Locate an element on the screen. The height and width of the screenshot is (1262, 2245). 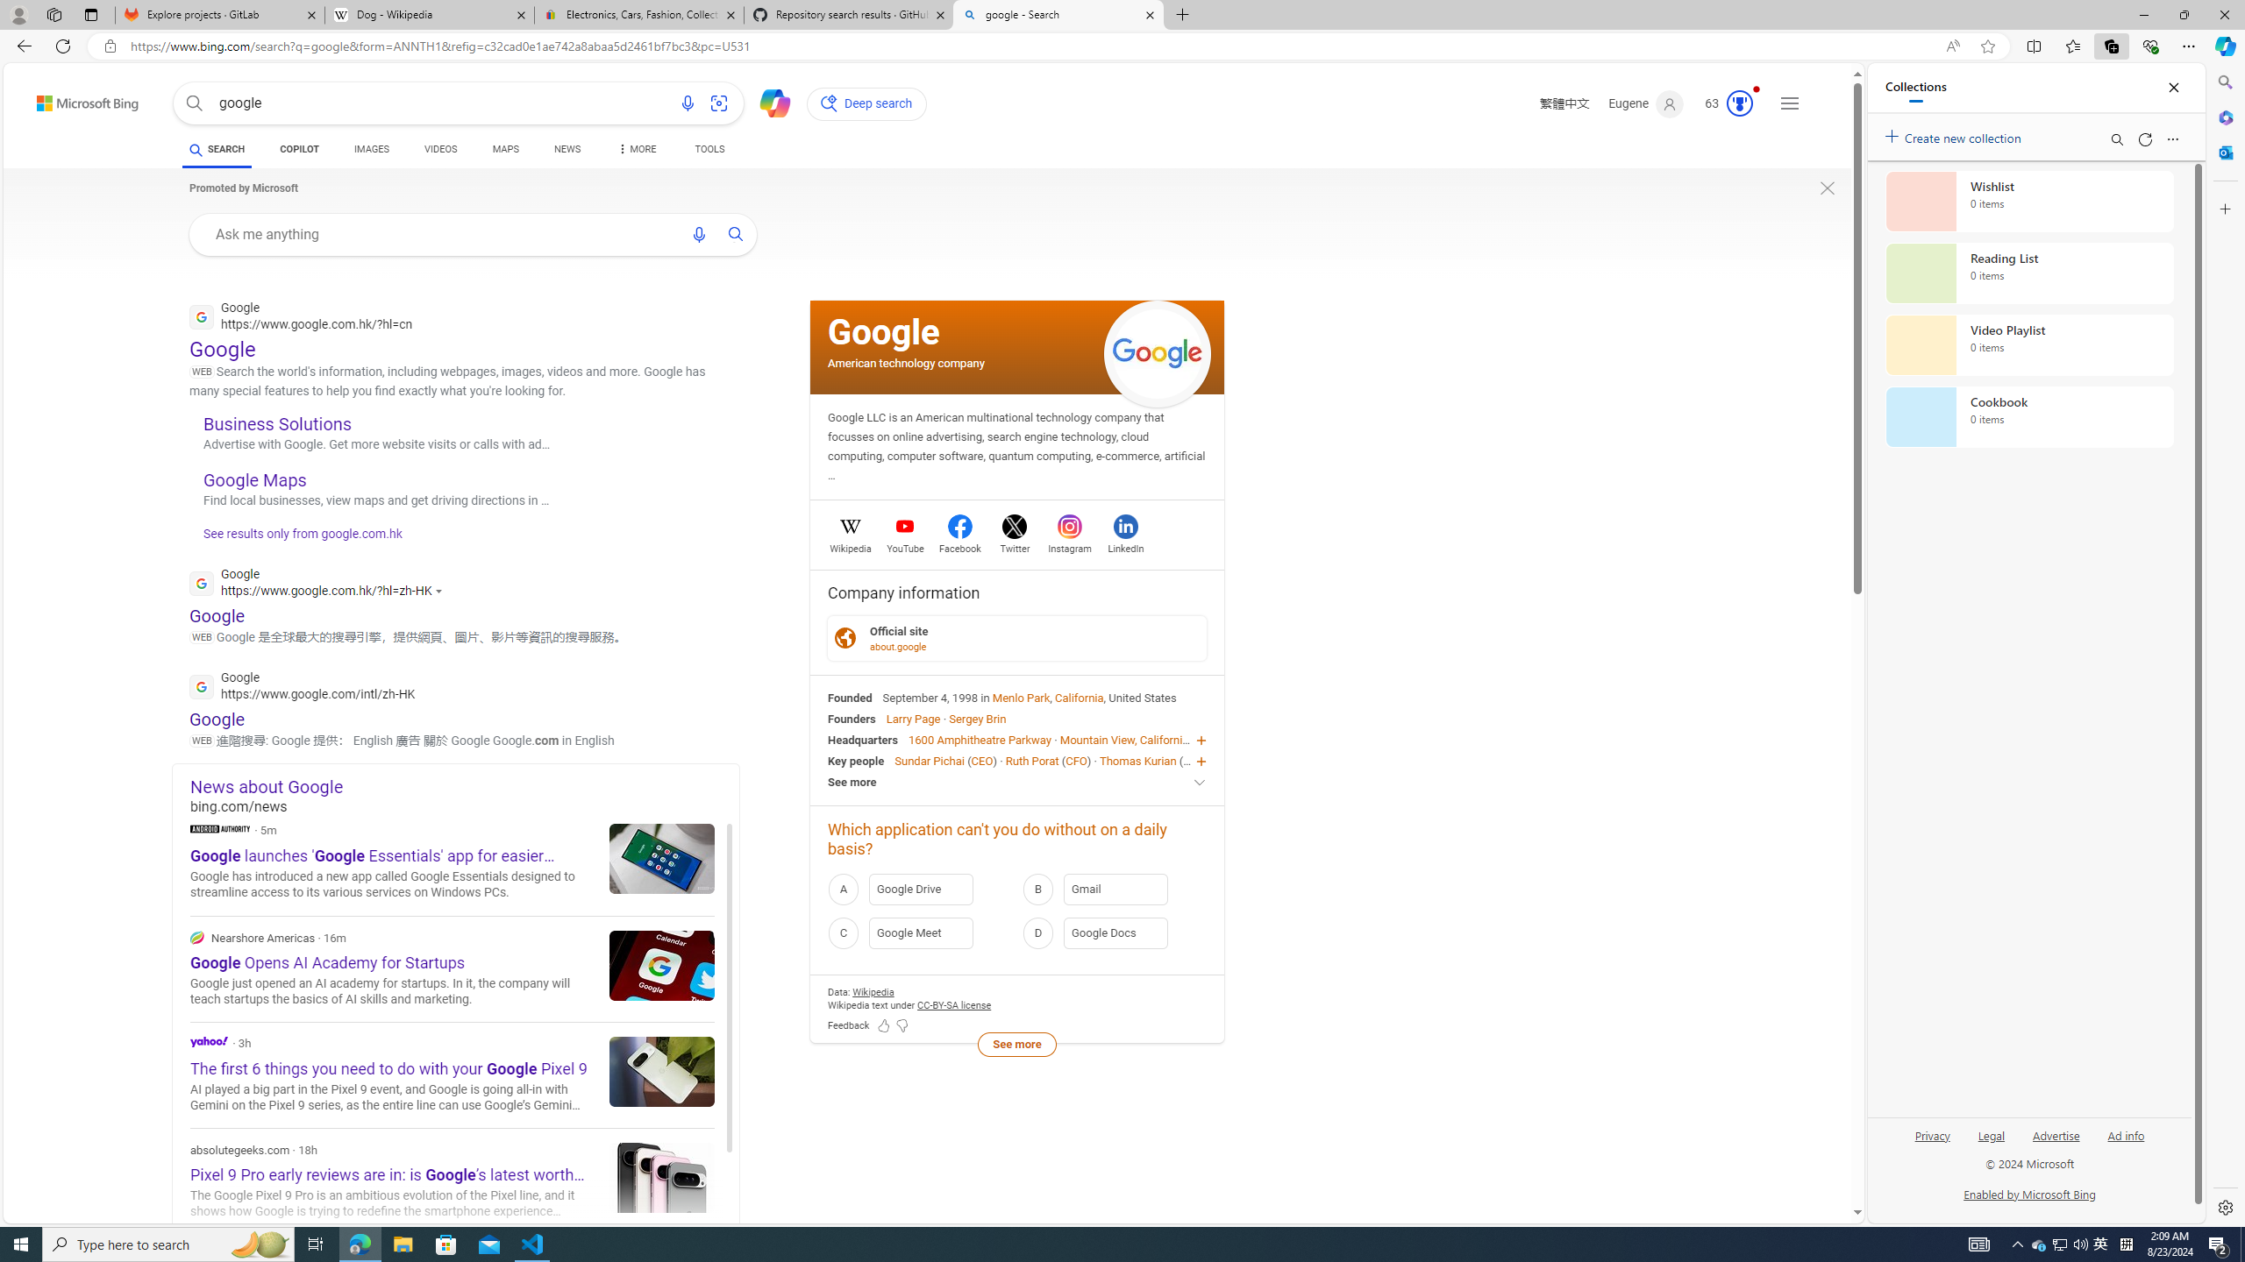
'Eugene' is located at coordinates (1644, 103).